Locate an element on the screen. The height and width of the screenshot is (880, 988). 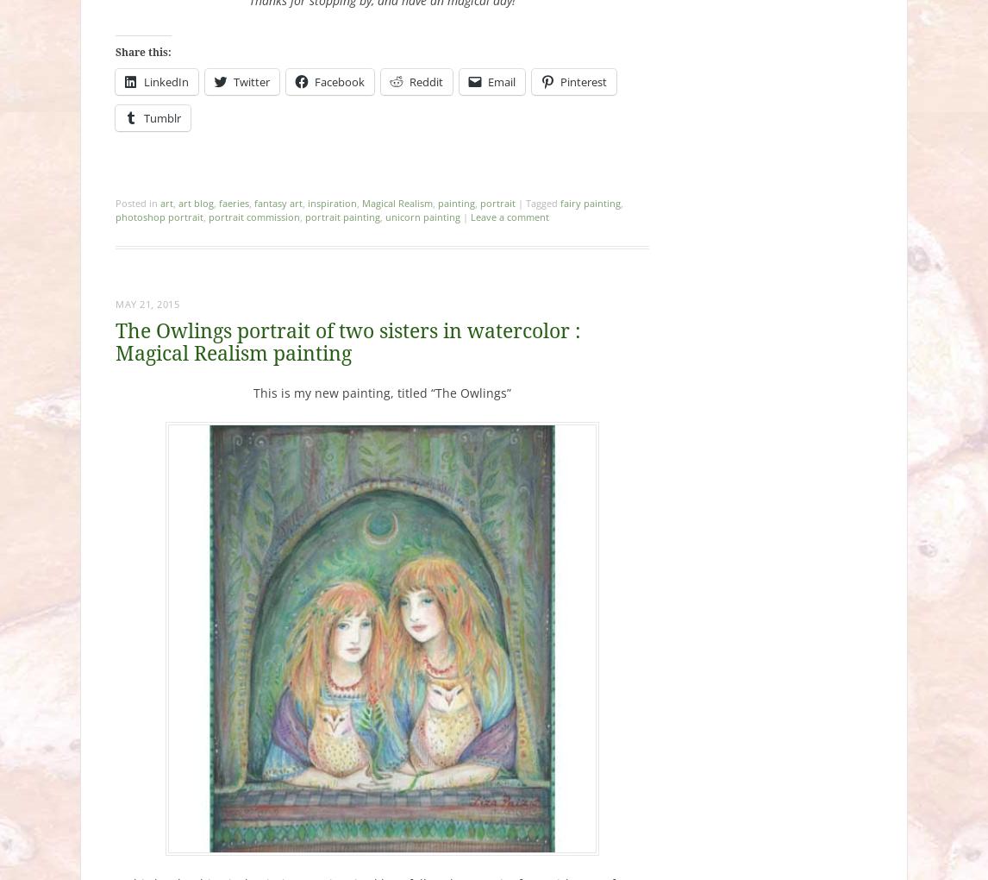
'photoshop portrait' is located at coordinates (159, 217).